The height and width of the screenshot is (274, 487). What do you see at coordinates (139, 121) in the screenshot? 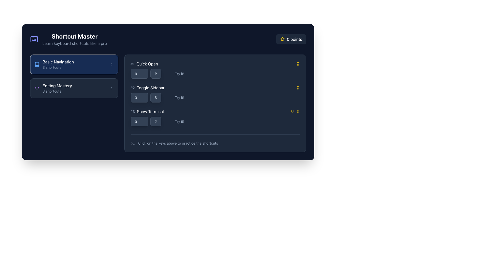
I see `the button representing the keyboard key (⌘) located in the third row of the keyboard shortcut section titled 'Show Terminal'` at bounding box center [139, 121].